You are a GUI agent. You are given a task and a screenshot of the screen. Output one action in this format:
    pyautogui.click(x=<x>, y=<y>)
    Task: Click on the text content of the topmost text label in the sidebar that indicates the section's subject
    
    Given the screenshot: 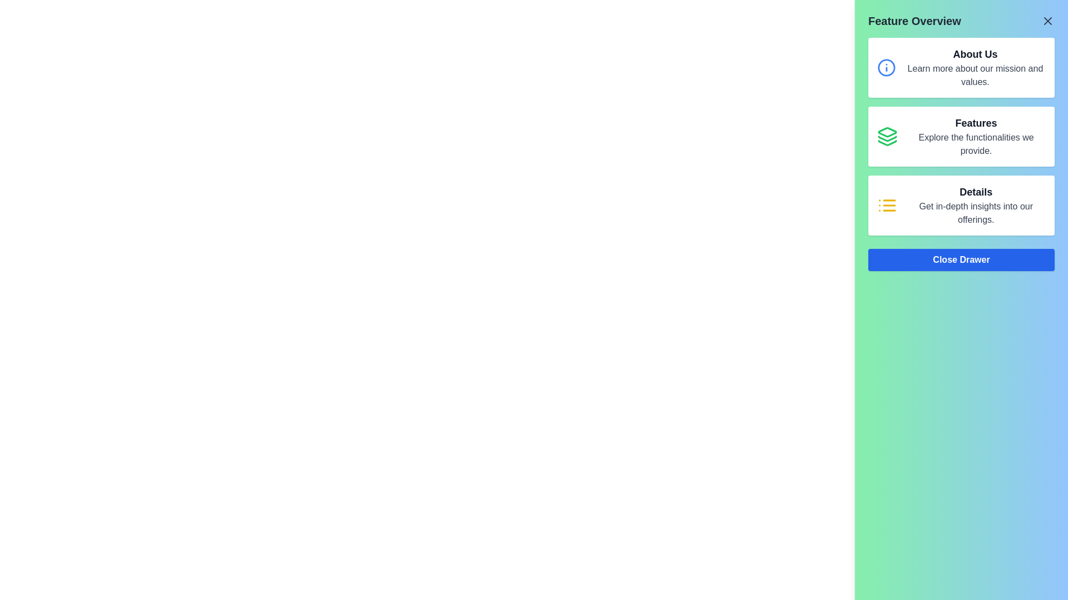 What is the action you would take?
    pyautogui.click(x=975, y=54)
    